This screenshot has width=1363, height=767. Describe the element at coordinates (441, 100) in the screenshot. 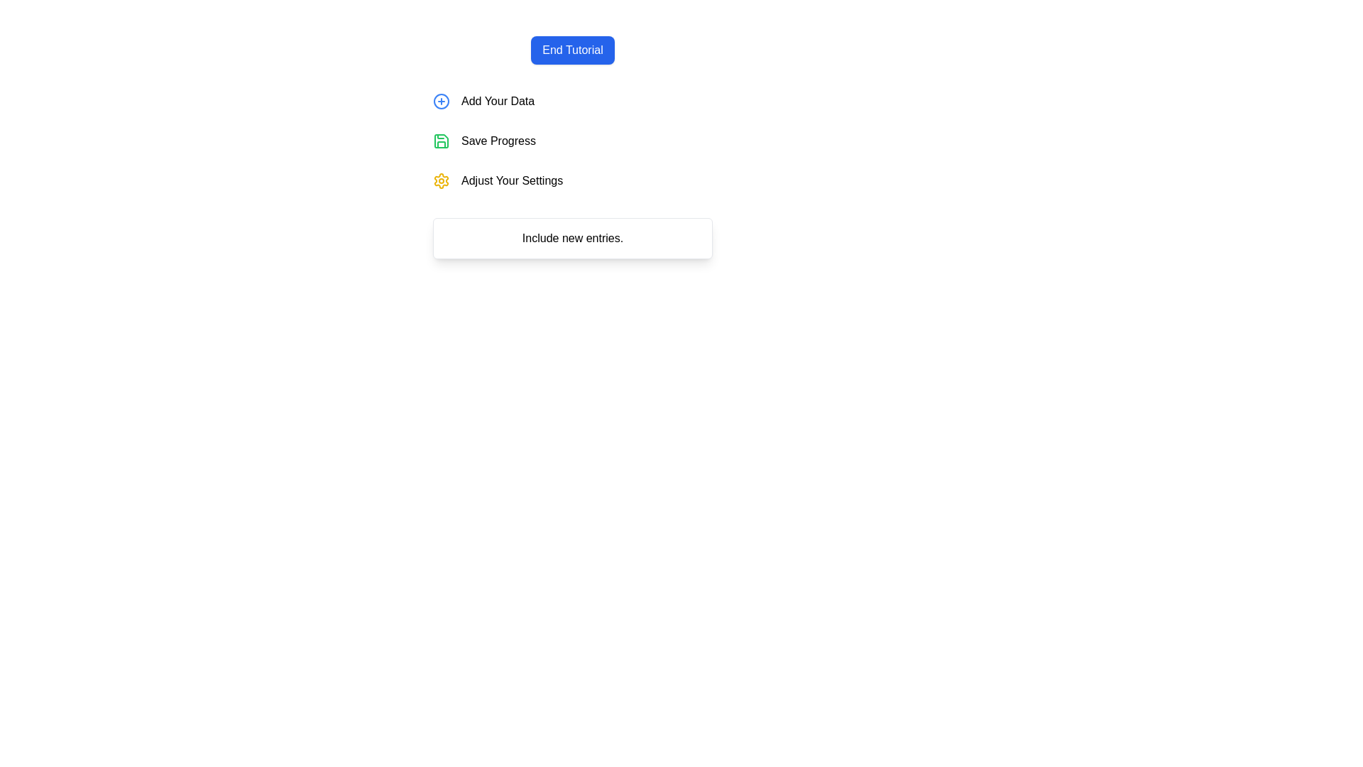

I see `the blue circular icon with a cross symbol` at that location.